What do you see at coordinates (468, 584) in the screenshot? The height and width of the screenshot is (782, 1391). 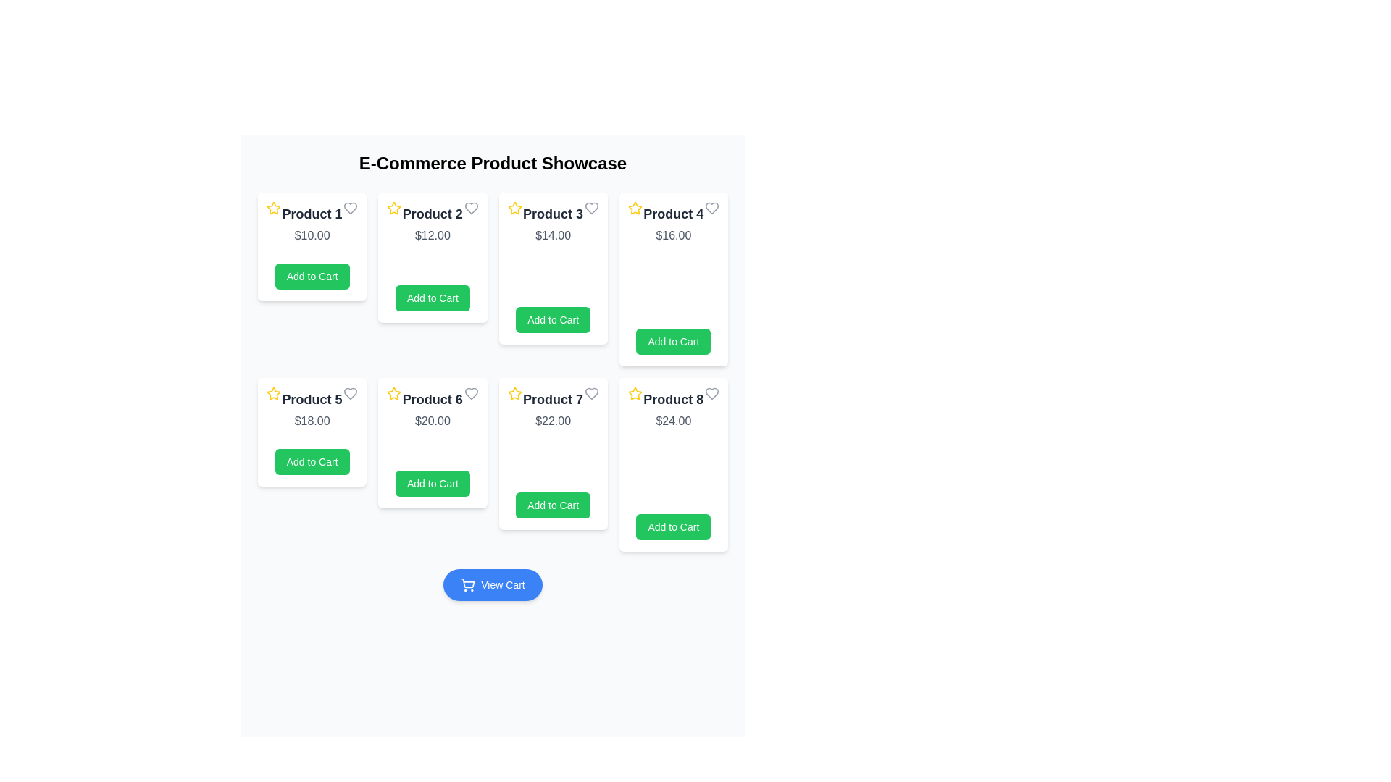 I see `shopping cart icon located within the blue 'View Cart' button at the bottom of the display area for information` at bounding box center [468, 584].